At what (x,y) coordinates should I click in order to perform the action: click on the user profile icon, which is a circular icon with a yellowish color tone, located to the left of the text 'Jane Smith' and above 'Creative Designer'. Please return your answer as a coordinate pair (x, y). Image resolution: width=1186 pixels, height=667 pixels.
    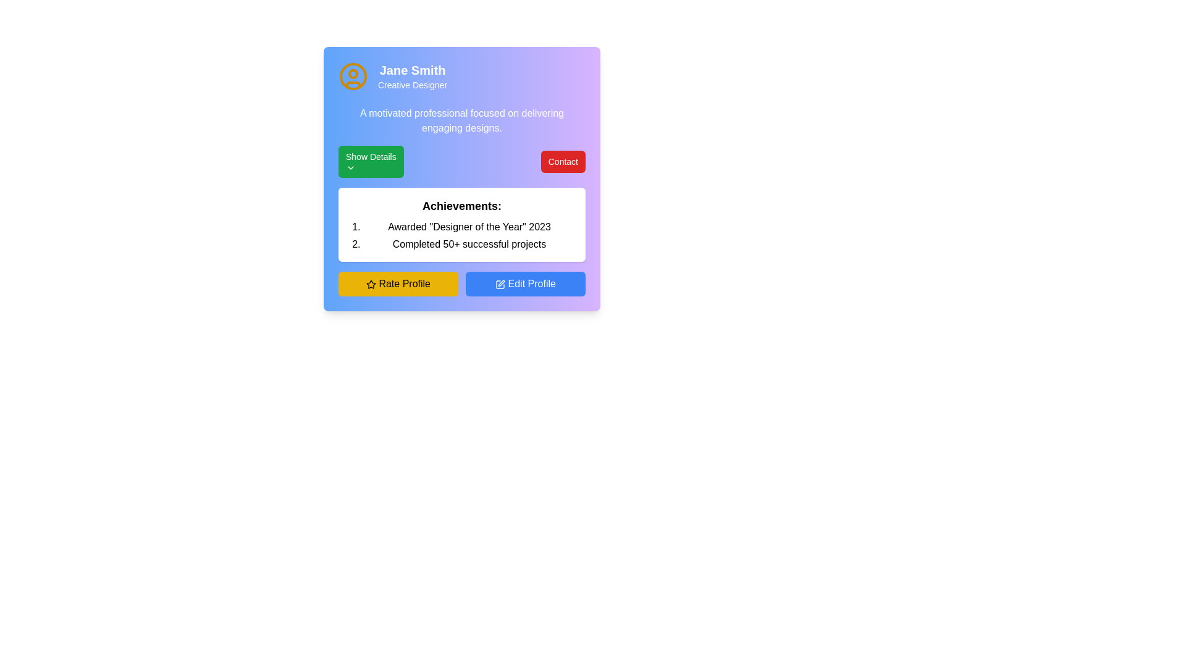
    Looking at the image, I should click on (352, 76).